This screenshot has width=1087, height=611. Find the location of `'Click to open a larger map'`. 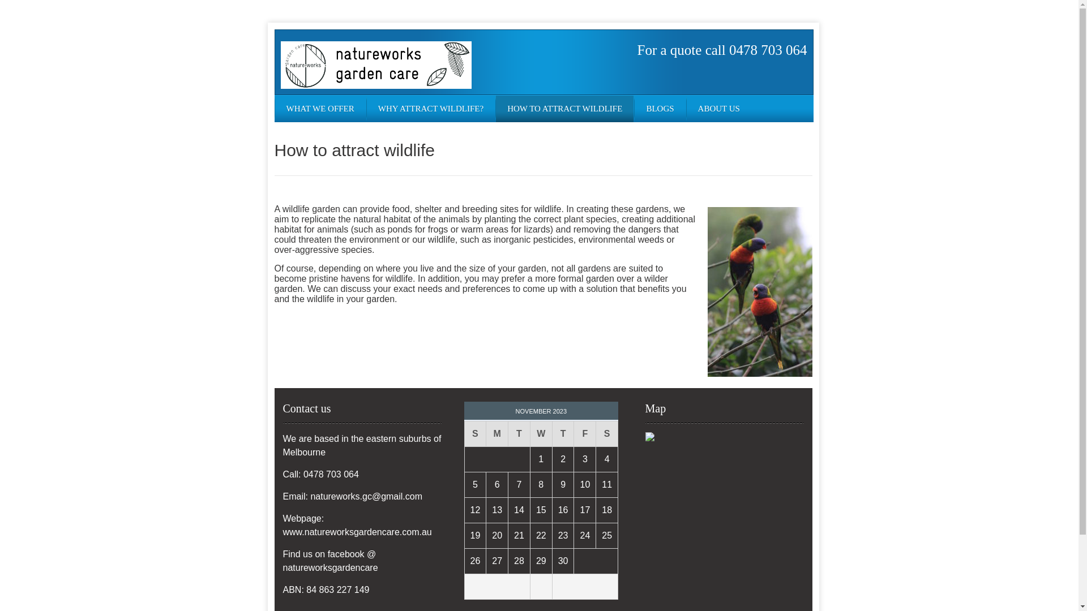

'Click to open a larger map' is located at coordinates (649, 438).